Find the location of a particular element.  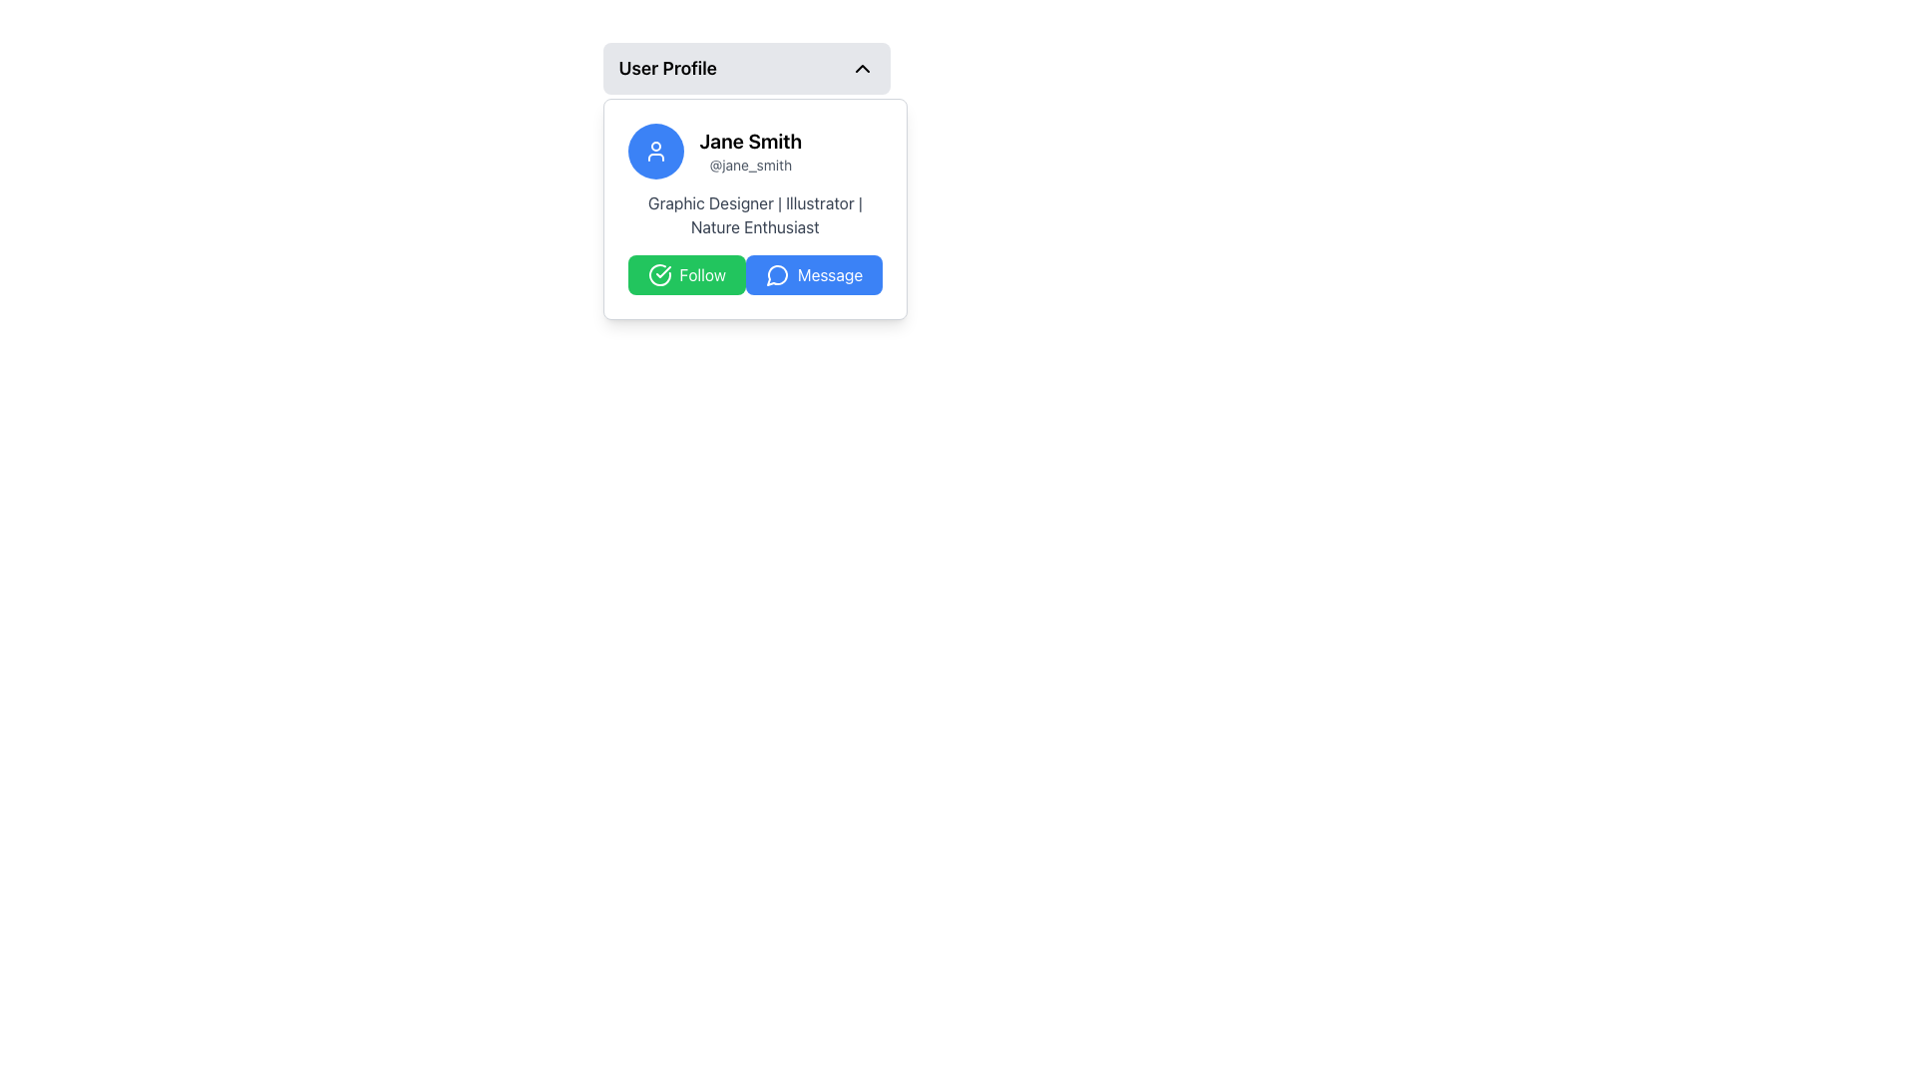

the user profile icon which has a white outline on a blue circular background, located at the top left corner of the user profile card is located at coordinates (655, 150).